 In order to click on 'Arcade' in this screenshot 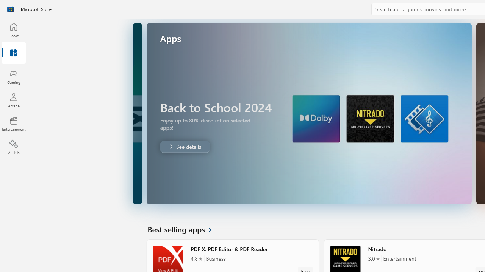, I will do `click(13, 100)`.